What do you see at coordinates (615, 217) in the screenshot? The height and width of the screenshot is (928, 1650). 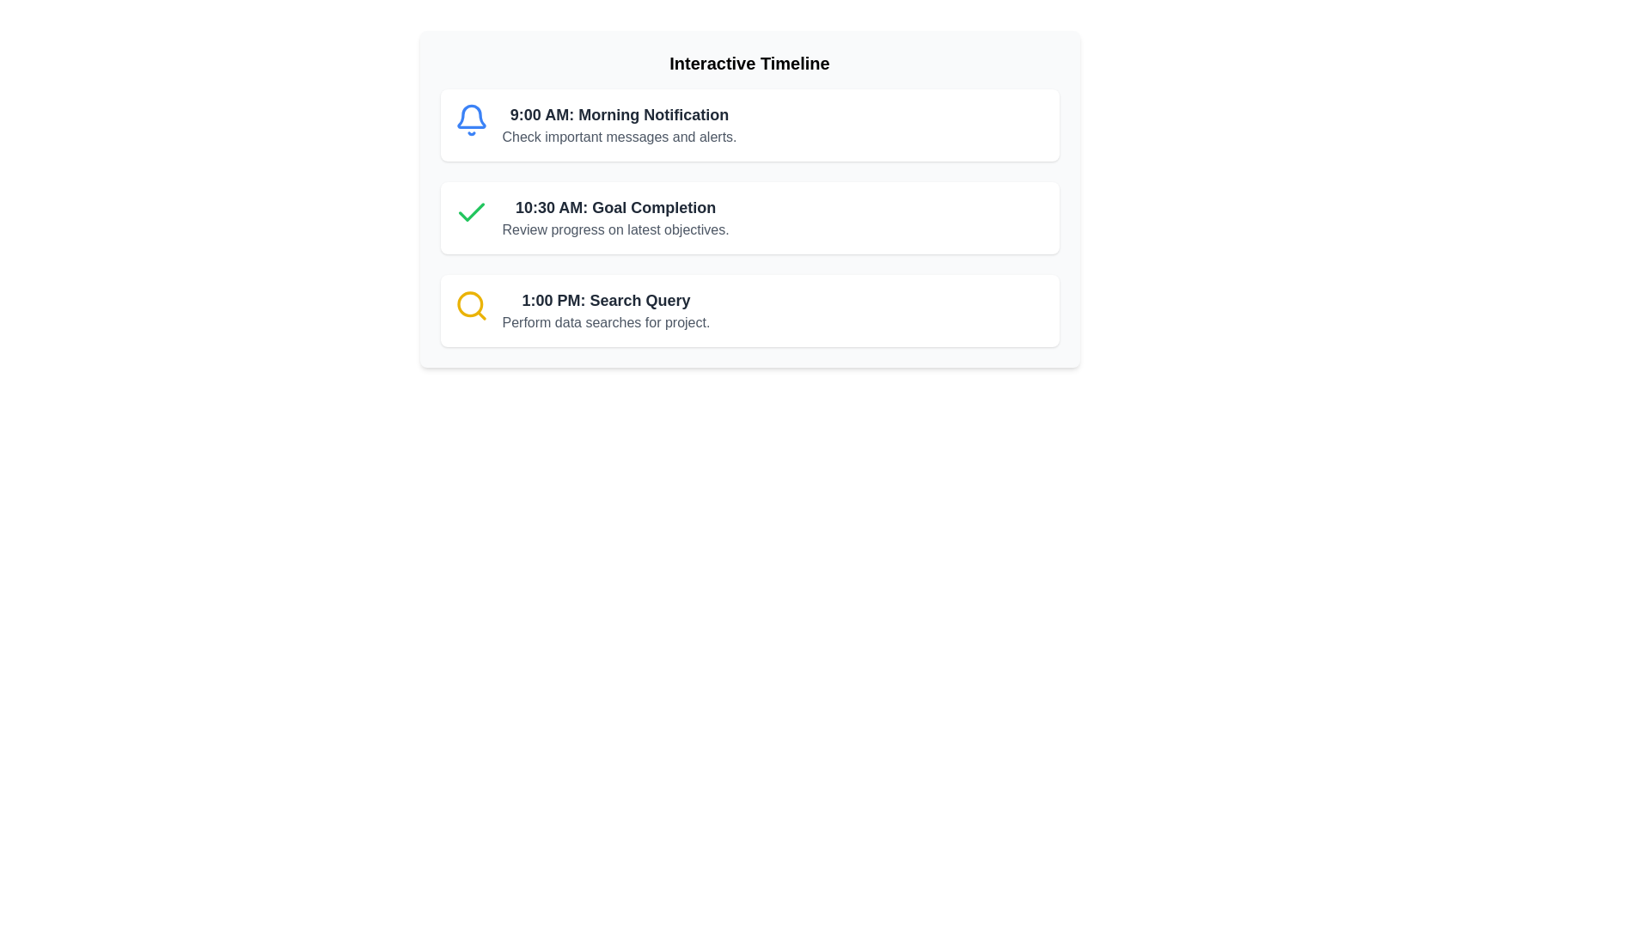 I see `the second Text block in the timeline entry that describes a task scheduled for 10:30 AM, located centrally between the '9:00 AM: Morning Notification' and '1:00 PM: Search Query' entries` at bounding box center [615, 217].